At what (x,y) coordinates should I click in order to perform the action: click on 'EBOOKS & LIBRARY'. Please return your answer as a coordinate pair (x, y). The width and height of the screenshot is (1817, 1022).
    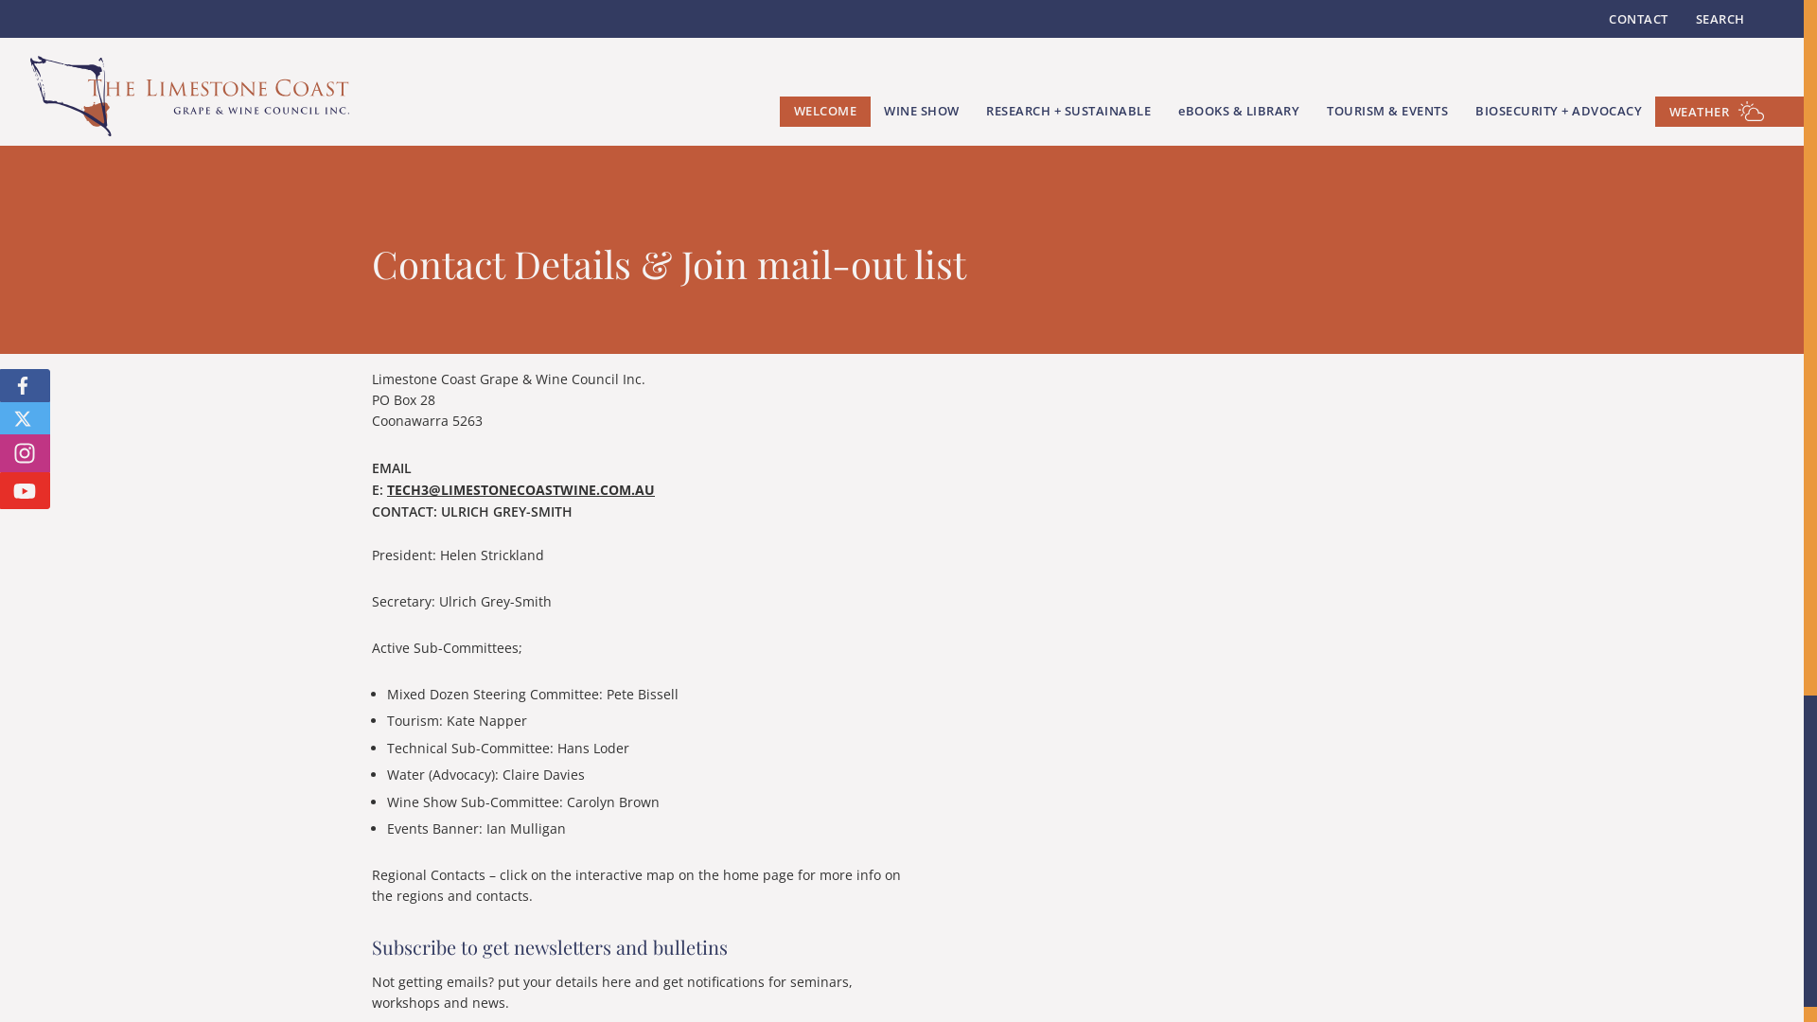
    Looking at the image, I should click on (1239, 112).